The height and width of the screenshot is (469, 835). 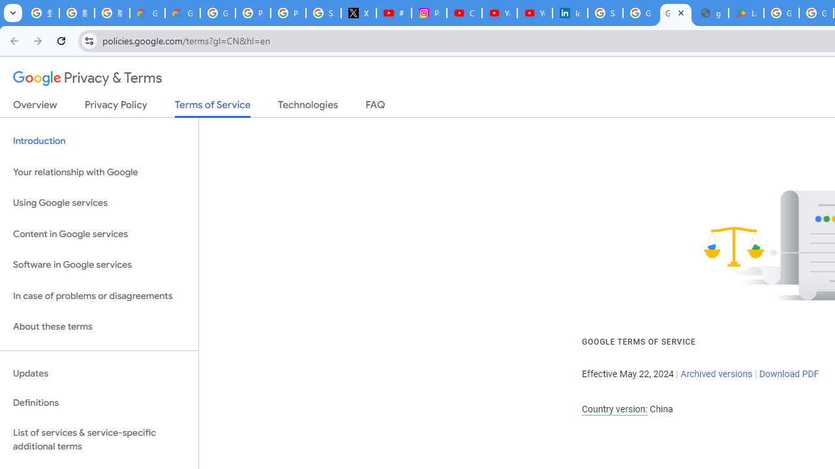 What do you see at coordinates (307, 107) in the screenshot?
I see `'Technologies'` at bounding box center [307, 107].